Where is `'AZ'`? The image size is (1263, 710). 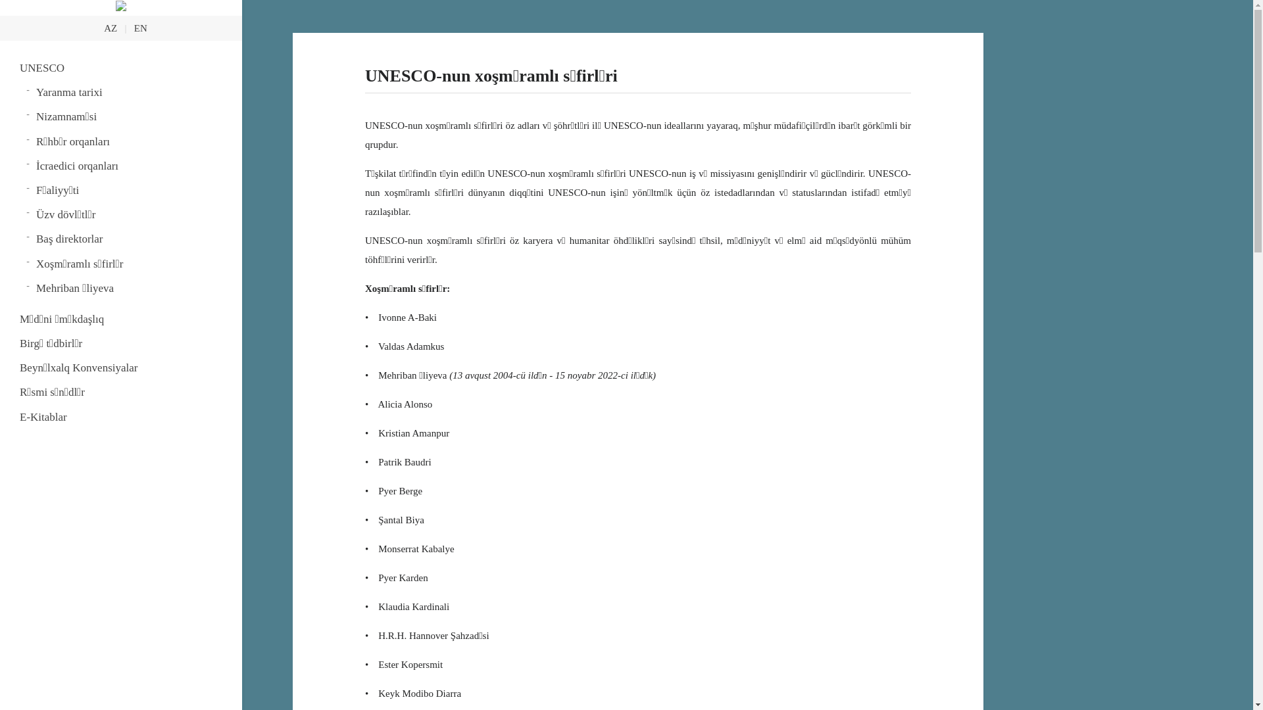
'AZ' is located at coordinates (111, 28).